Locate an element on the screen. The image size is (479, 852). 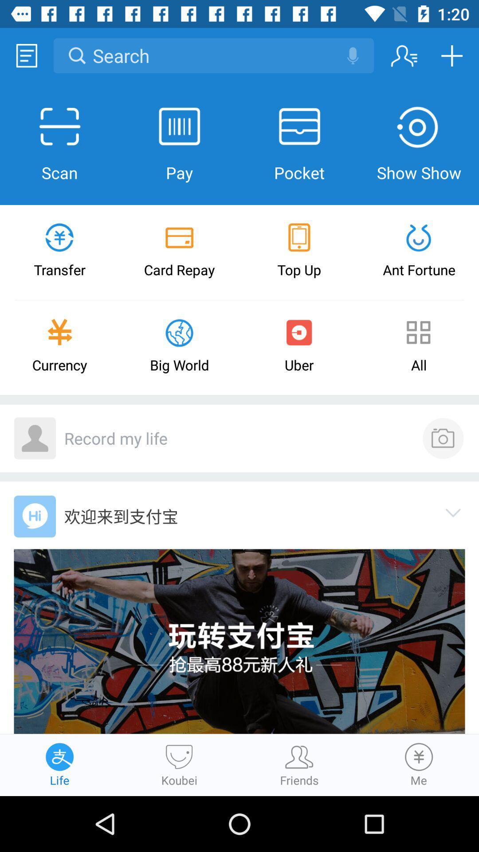
pay icon which is after scan on the page is located at coordinates (180, 126).